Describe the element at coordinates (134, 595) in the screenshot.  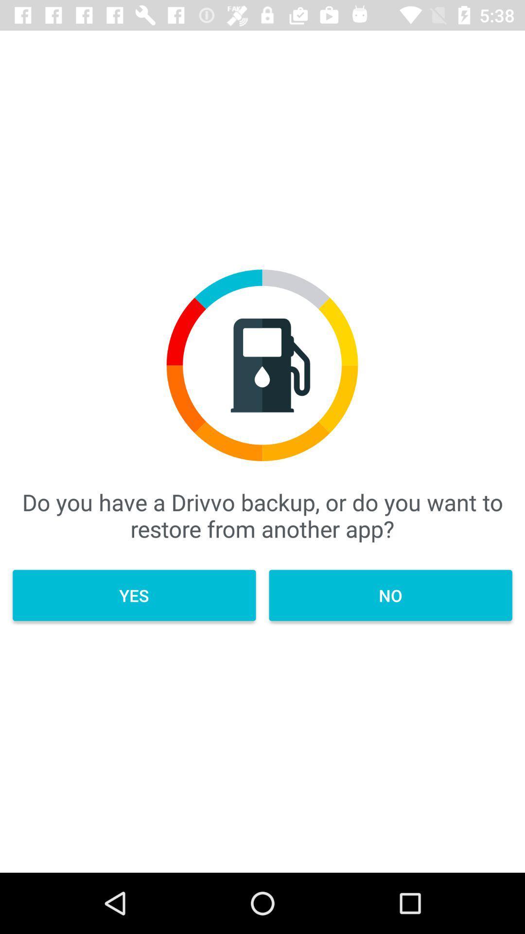
I see `yes item` at that location.